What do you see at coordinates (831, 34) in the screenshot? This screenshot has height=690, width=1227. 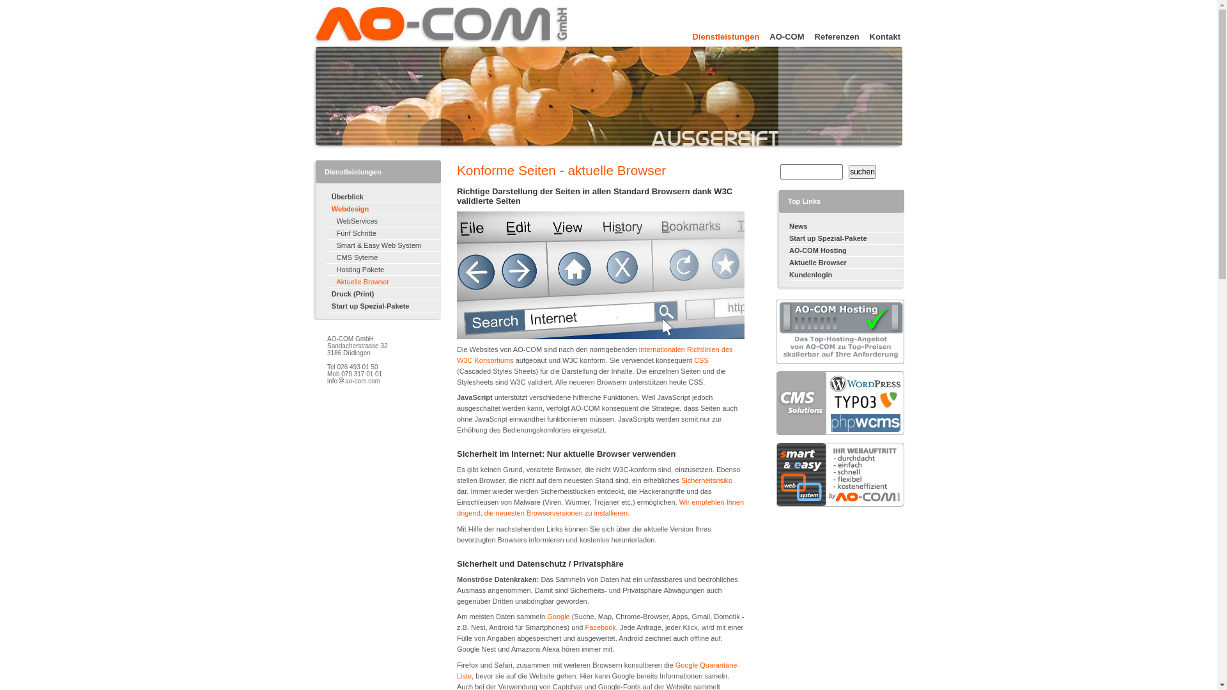 I see `'Referenzen'` at bounding box center [831, 34].